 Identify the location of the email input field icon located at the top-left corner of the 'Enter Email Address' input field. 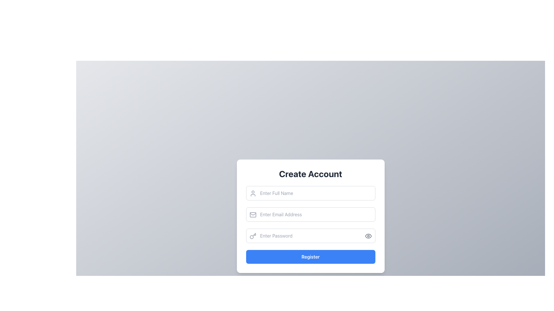
(253, 215).